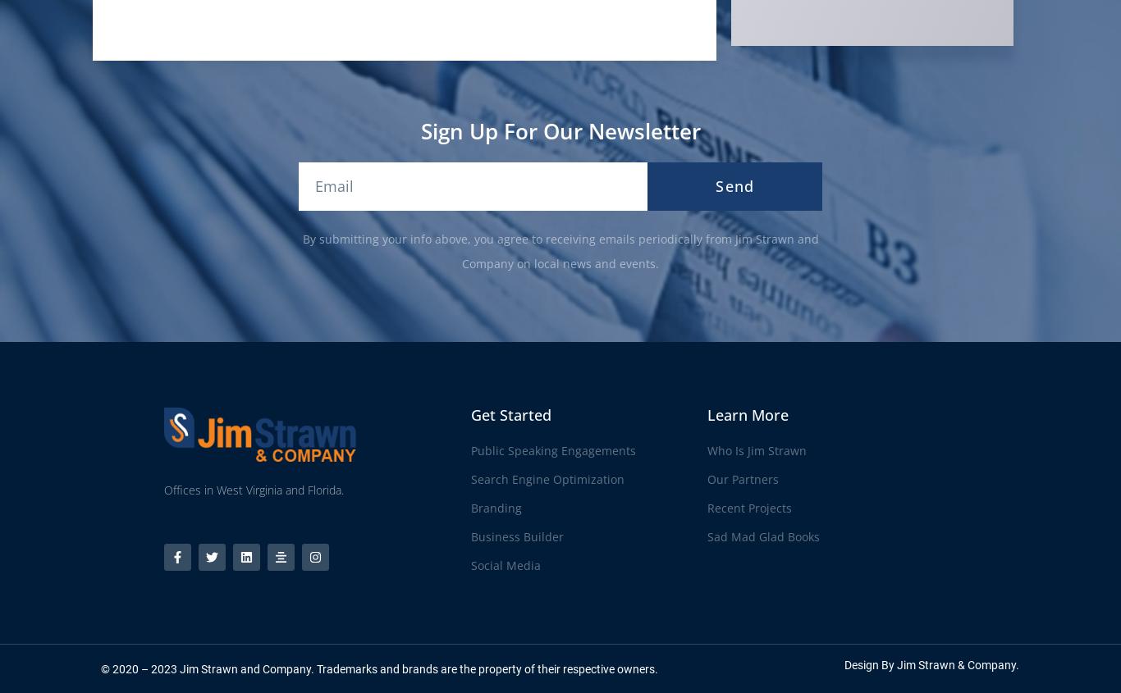 The width and height of the screenshot is (1121, 693). Describe the element at coordinates (495, 508) in the screenshot. I see `'Branding'` at that location.